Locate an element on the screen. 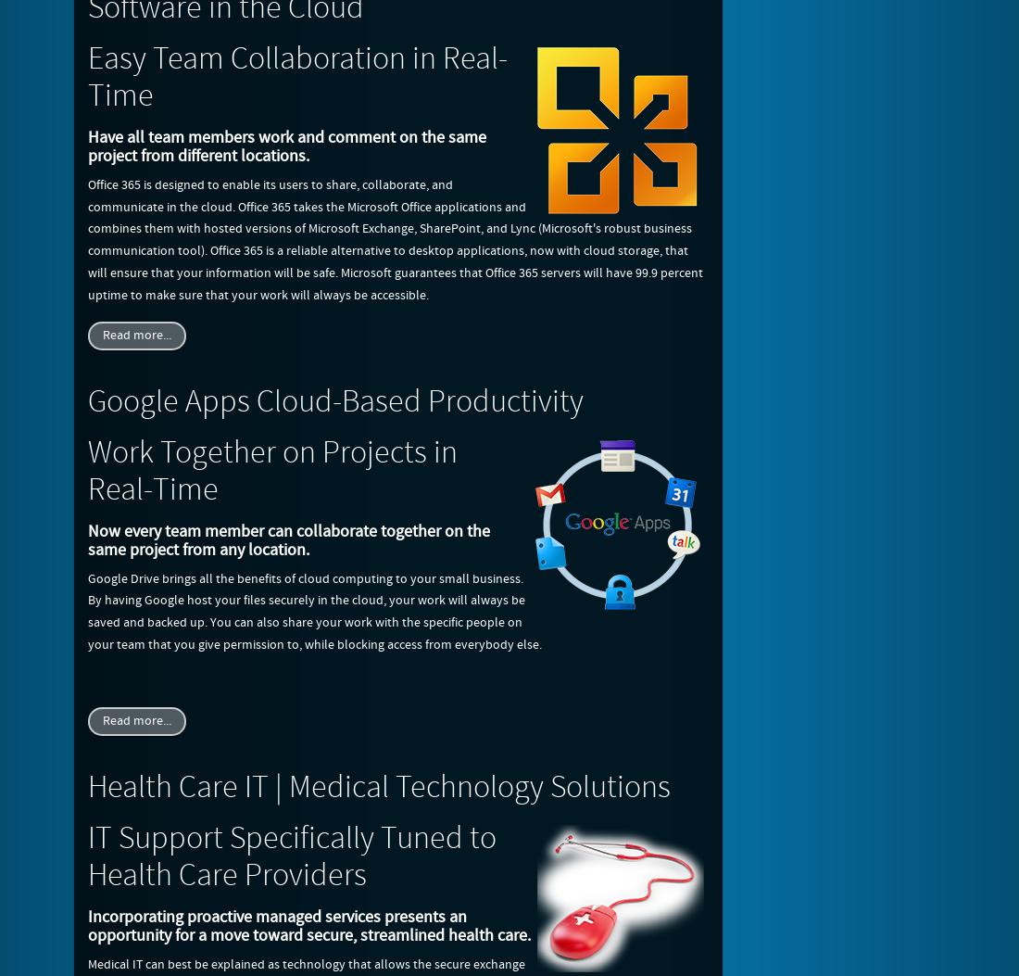  'Incorporating proactive managed services presents an opportunity for a move toward secure, streamlined health care.' is located at coordinates (308, 925).